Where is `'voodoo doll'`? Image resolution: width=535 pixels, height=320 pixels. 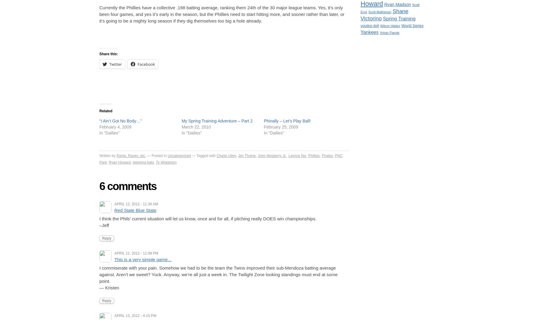 'voodoo doll' is located at coordinates (360, 25).